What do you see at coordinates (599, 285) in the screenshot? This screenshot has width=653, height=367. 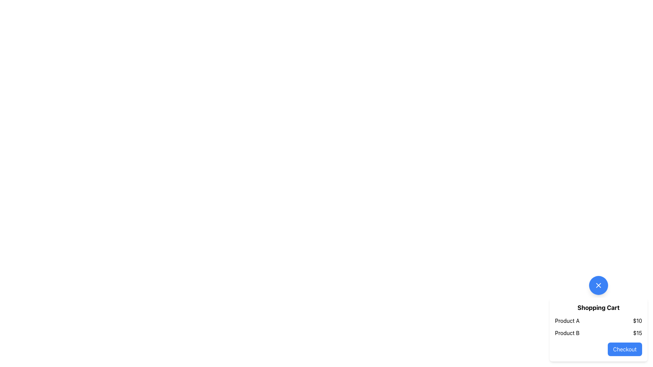 I see `the close 'X' icon button located at the top-center of the card-like UI component` at bounding box center [599, 285].